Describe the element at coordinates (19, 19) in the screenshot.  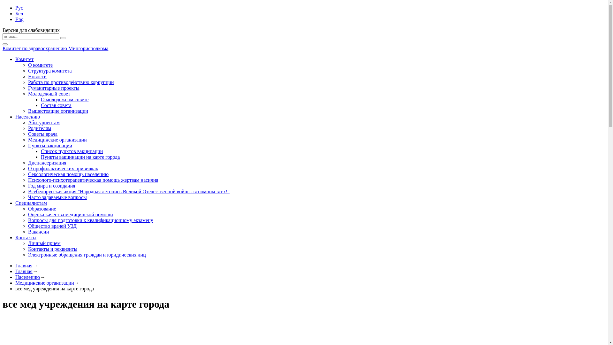
I see `'Eng'` at that location.